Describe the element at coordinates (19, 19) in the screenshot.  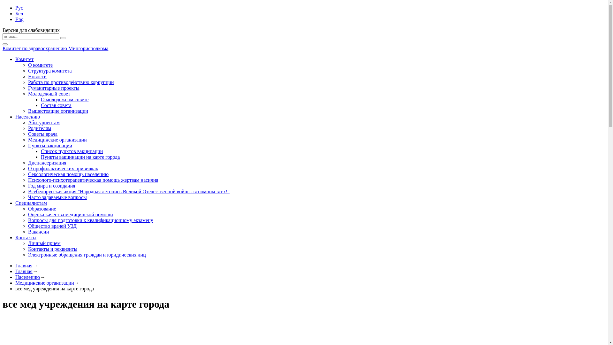
I see `'Eng'` at that location.